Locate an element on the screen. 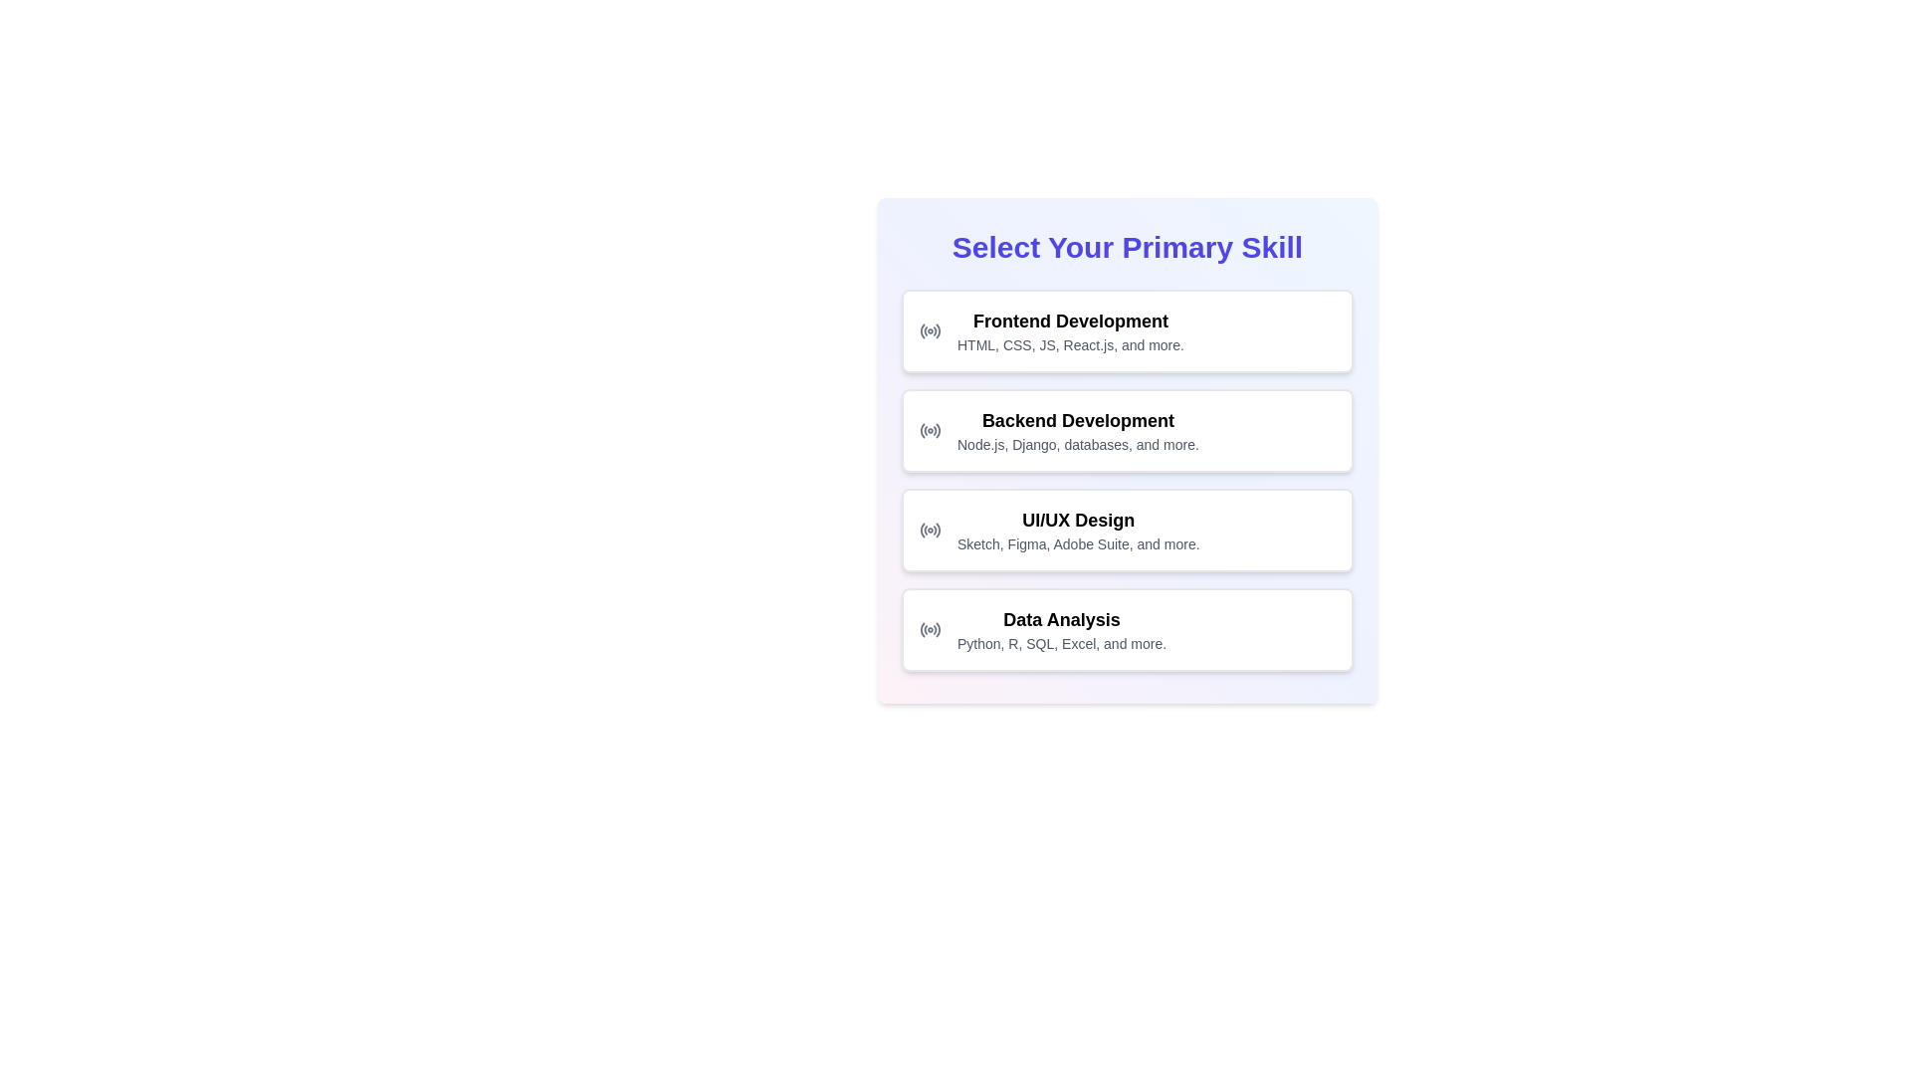  the text component that contains the string 'Node.js, Django, databases, and more.' located directly below the 'Backend Development' title within the second card of a vertical list of cards is located at coordinates (1077, 444).